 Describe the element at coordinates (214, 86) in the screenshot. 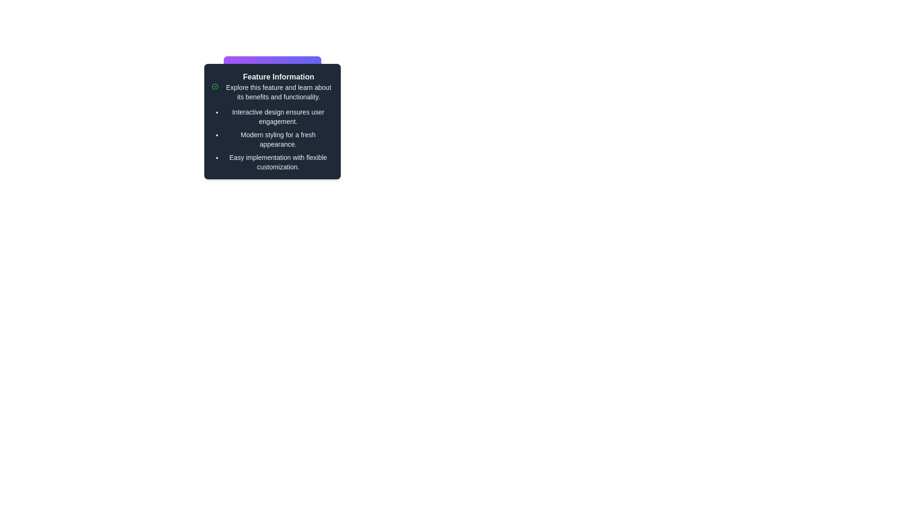

I see `the confirmation icon located to the left of the heading text 'Feature Information' within the informational panel, serving as a static visual indicator` at that location.